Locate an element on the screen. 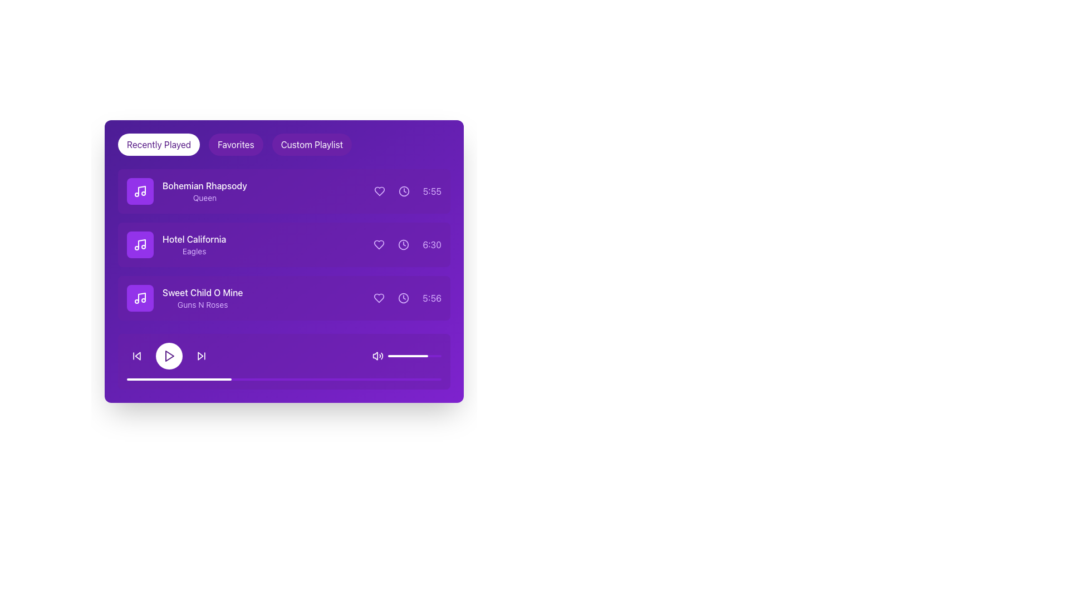  the static text display component showing 'Bohemian Rhapsody' by 'Queen', which is styled in bold white and smaller purple text, located in the 'Recently Played' section is located at coordinates (204, 190).